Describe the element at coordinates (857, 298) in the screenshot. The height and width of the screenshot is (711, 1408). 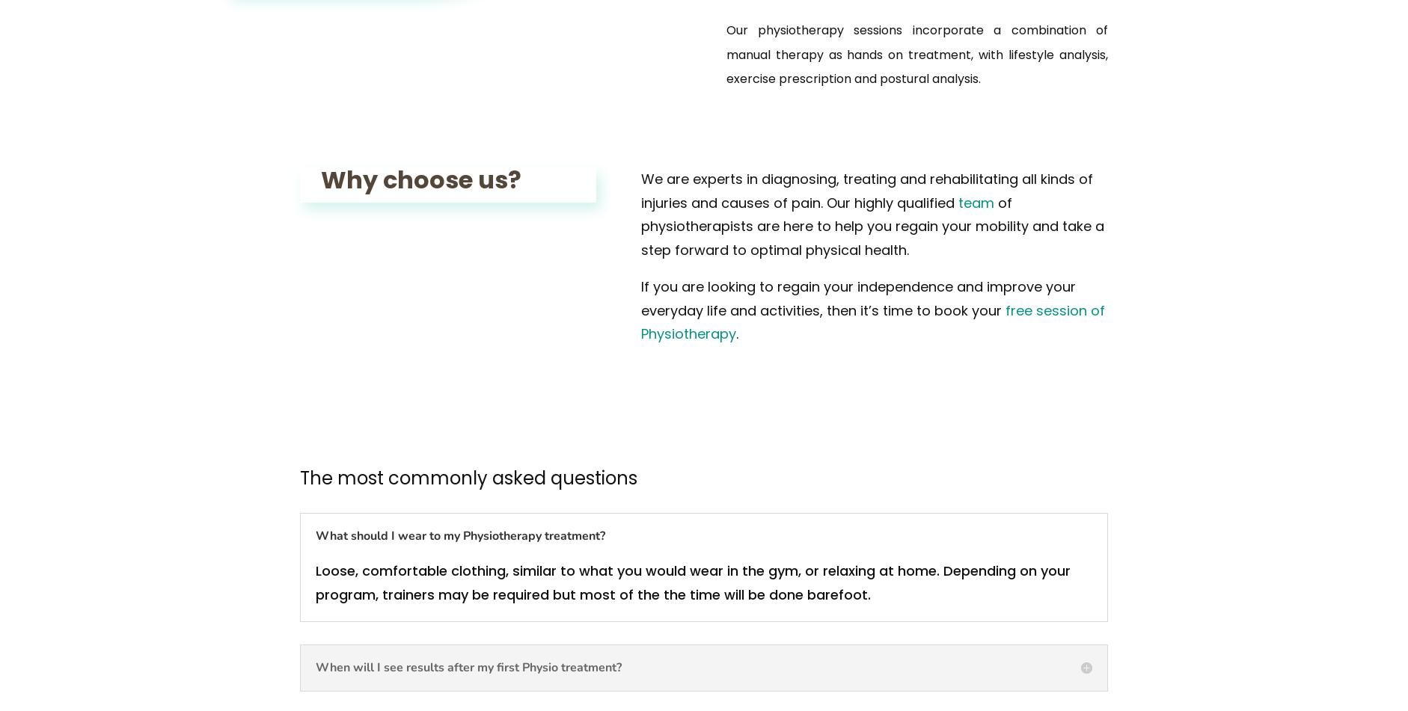
I see `'If you are looking to regain your independence and improve your everyday life and activities, then it’s time to book your'` at that location.